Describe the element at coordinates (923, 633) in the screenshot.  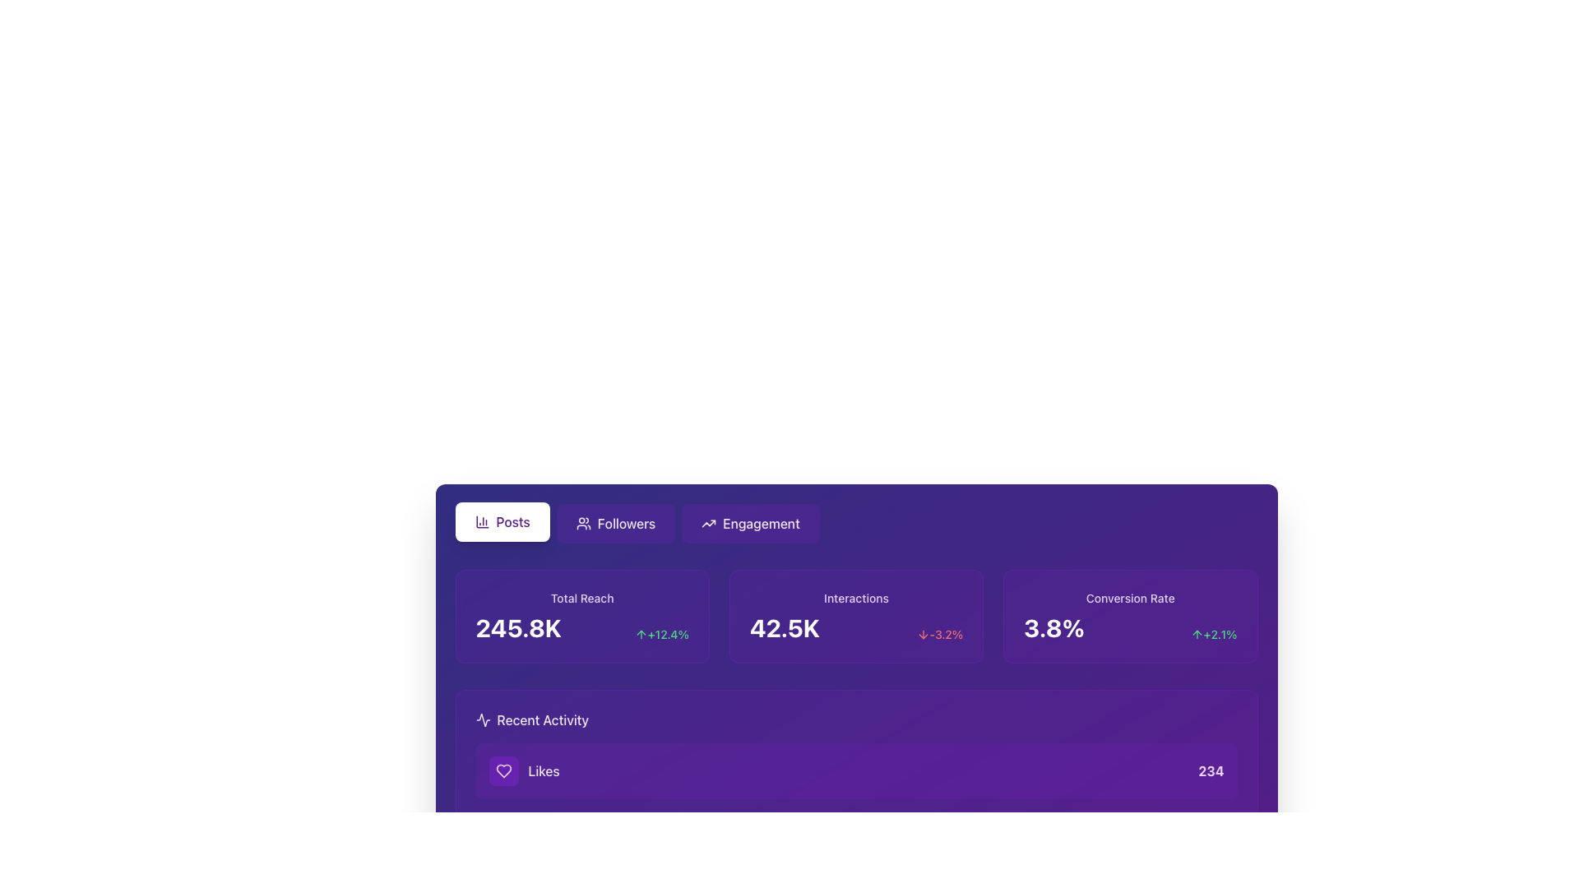
I see `the downward arrow icon indicating a decrease of -3.2% in the middle card under the 'Engagement' category` at that location.